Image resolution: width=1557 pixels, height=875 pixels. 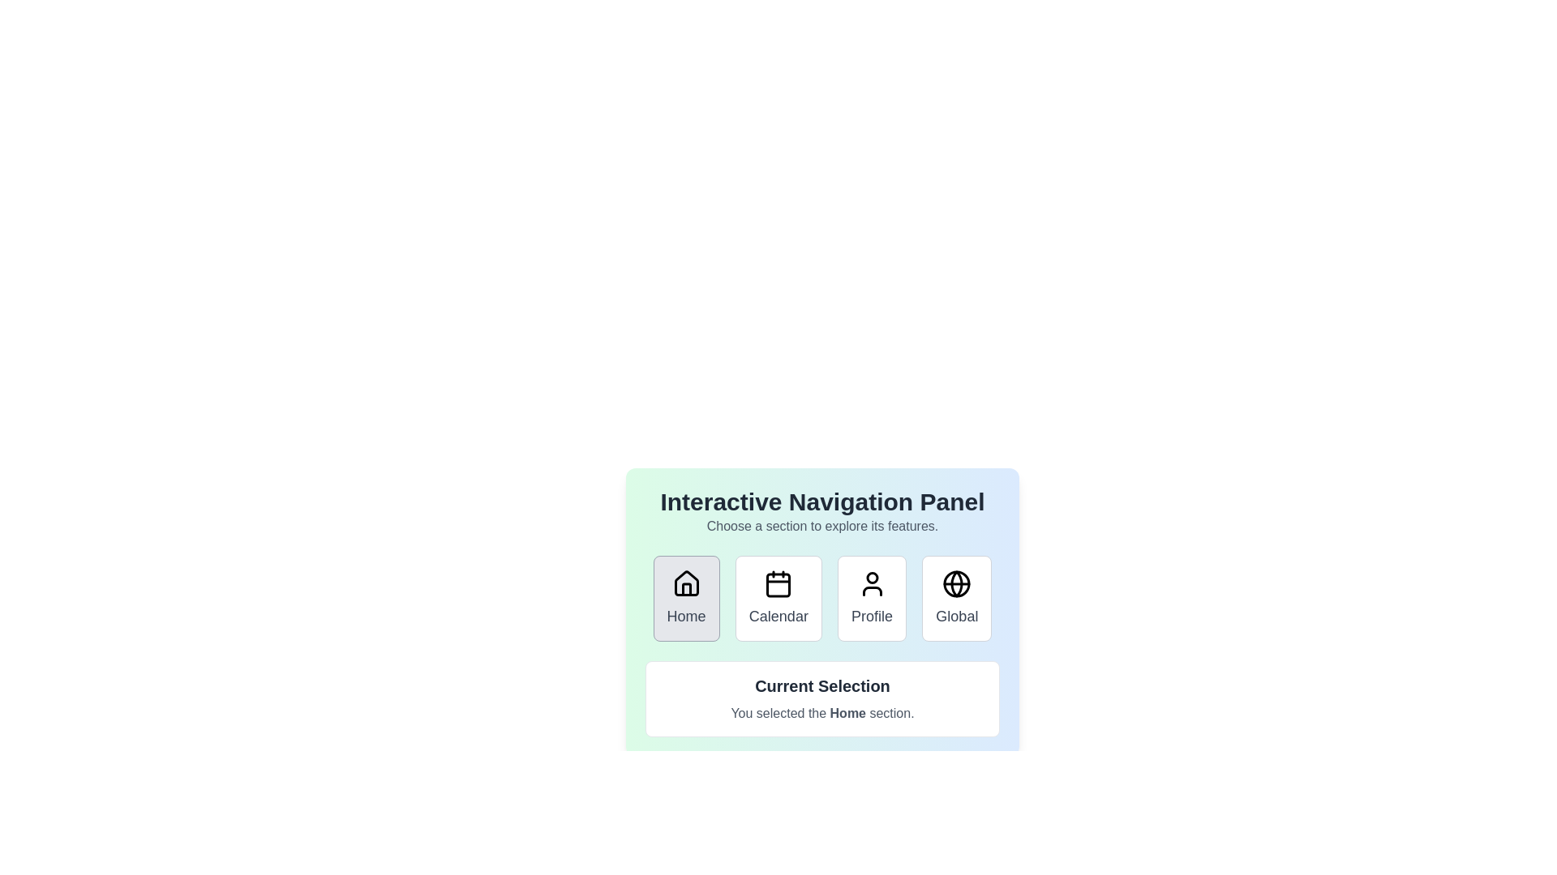 What do you see at coordinates (822, 587) in the screenshot?
I see `the 'Calendar' interactive button located in the navigation panel` at bounding box center [822, 587].